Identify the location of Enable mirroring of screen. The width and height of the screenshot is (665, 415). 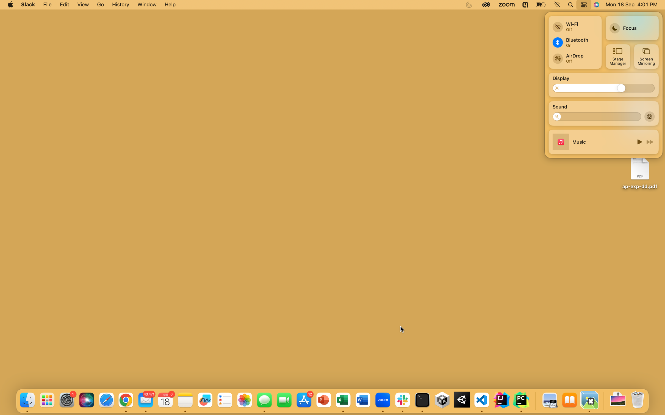
(645, 56).